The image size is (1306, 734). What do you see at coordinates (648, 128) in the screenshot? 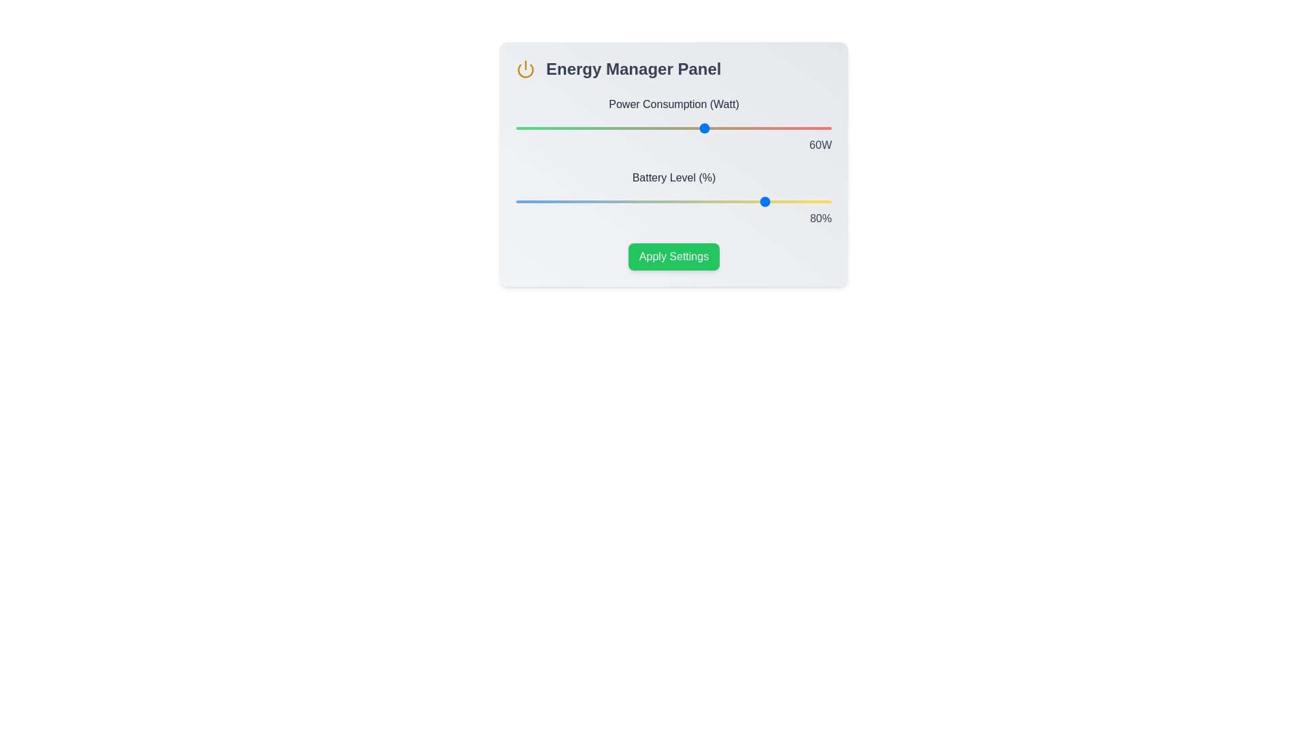
I see `the power consumption slider to 42 percent` at bounding box center [648, 128].